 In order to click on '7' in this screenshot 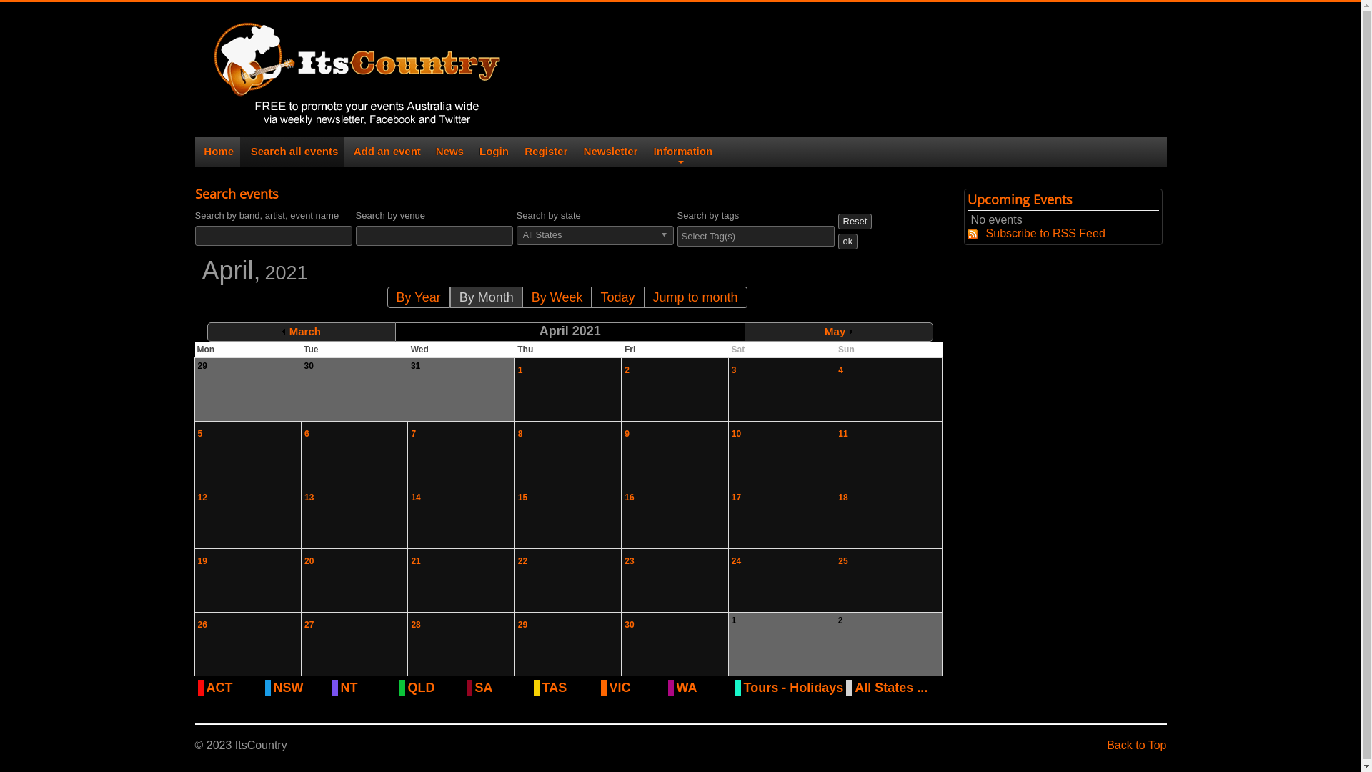, I will do `click(410, 432)`.